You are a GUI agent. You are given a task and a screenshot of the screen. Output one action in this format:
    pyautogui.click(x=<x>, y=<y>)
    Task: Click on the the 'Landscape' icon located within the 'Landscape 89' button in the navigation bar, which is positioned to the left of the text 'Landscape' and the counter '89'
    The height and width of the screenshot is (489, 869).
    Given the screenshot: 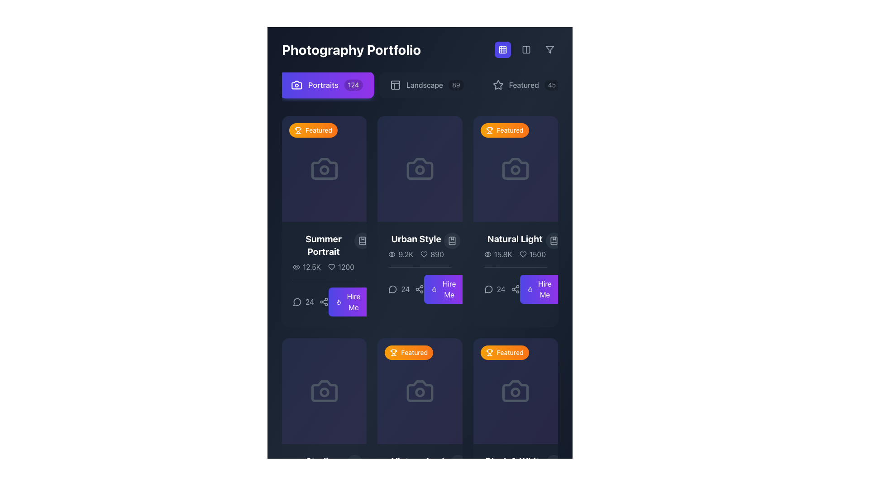 What is the action you would take?
    pyautogui.click(x=395, y=85)
    